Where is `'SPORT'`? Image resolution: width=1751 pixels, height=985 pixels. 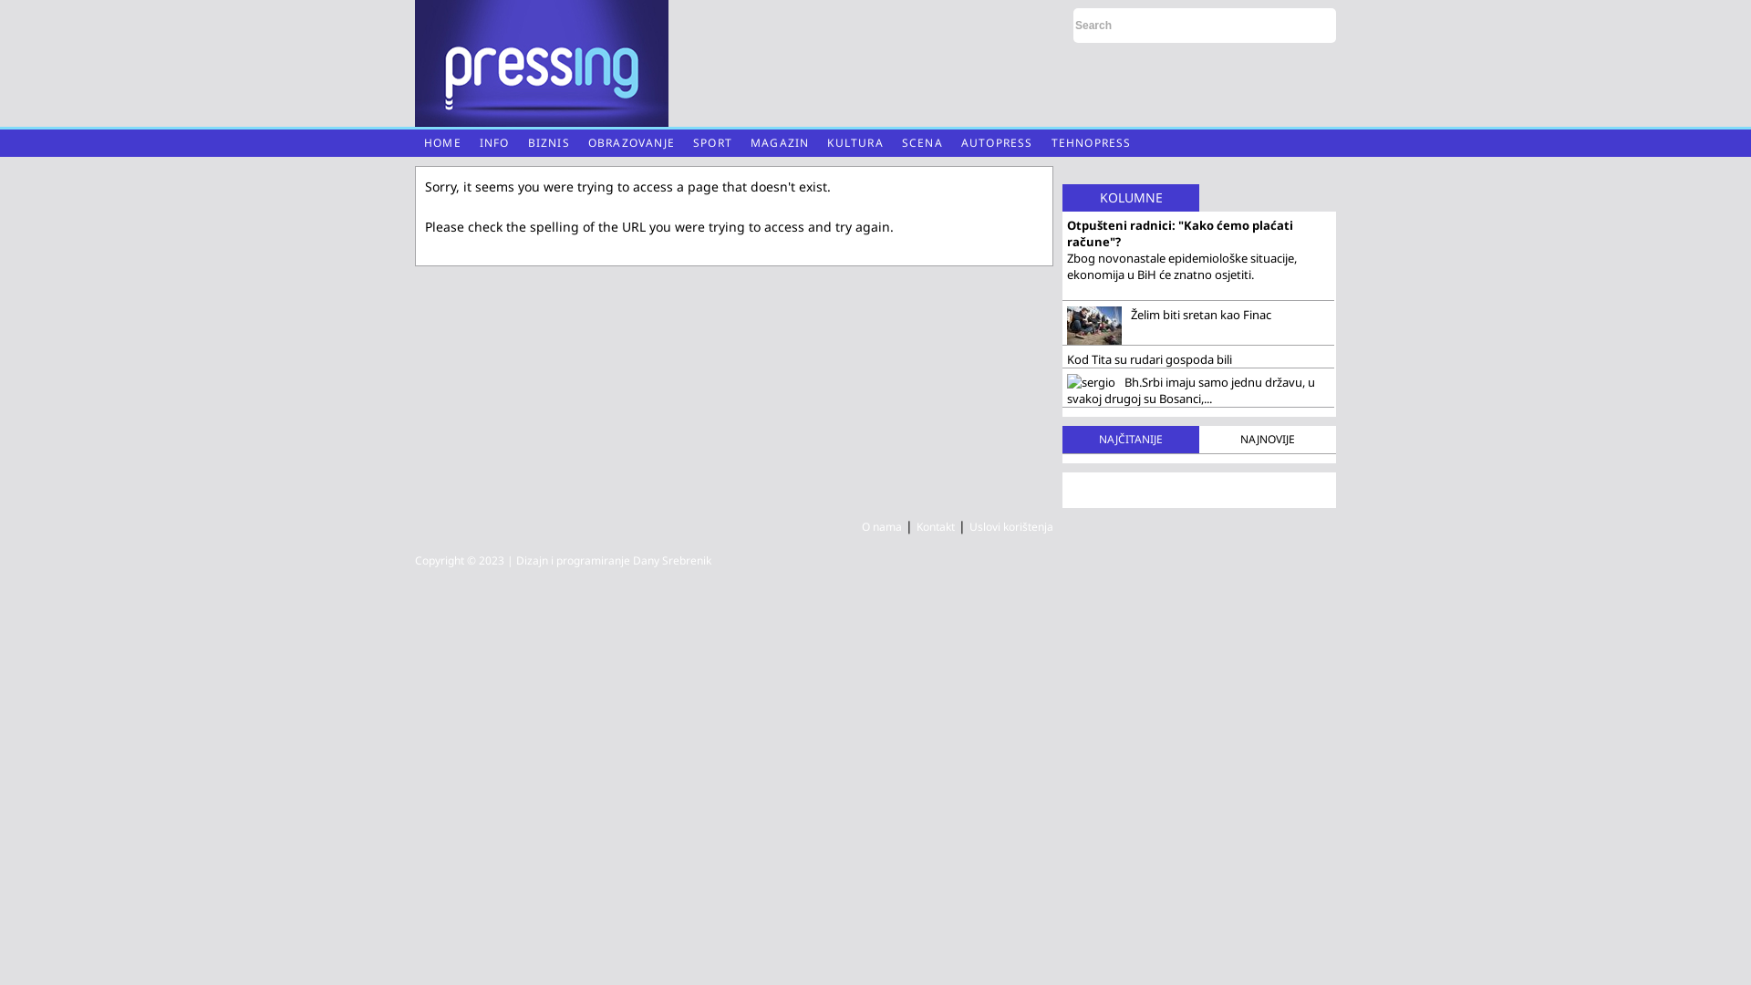 'SPORT' is located at coordinates (711, 142).